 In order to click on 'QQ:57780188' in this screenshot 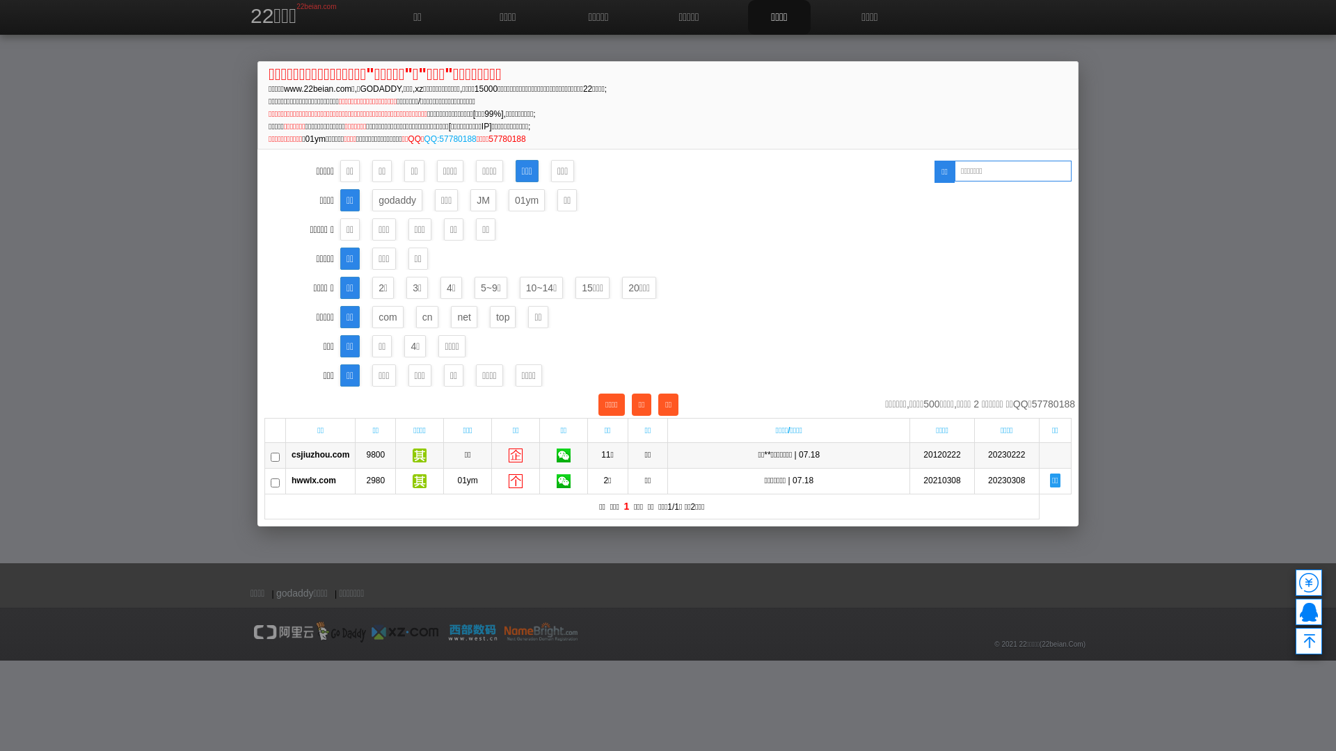, I will do `click(423, 139)`.